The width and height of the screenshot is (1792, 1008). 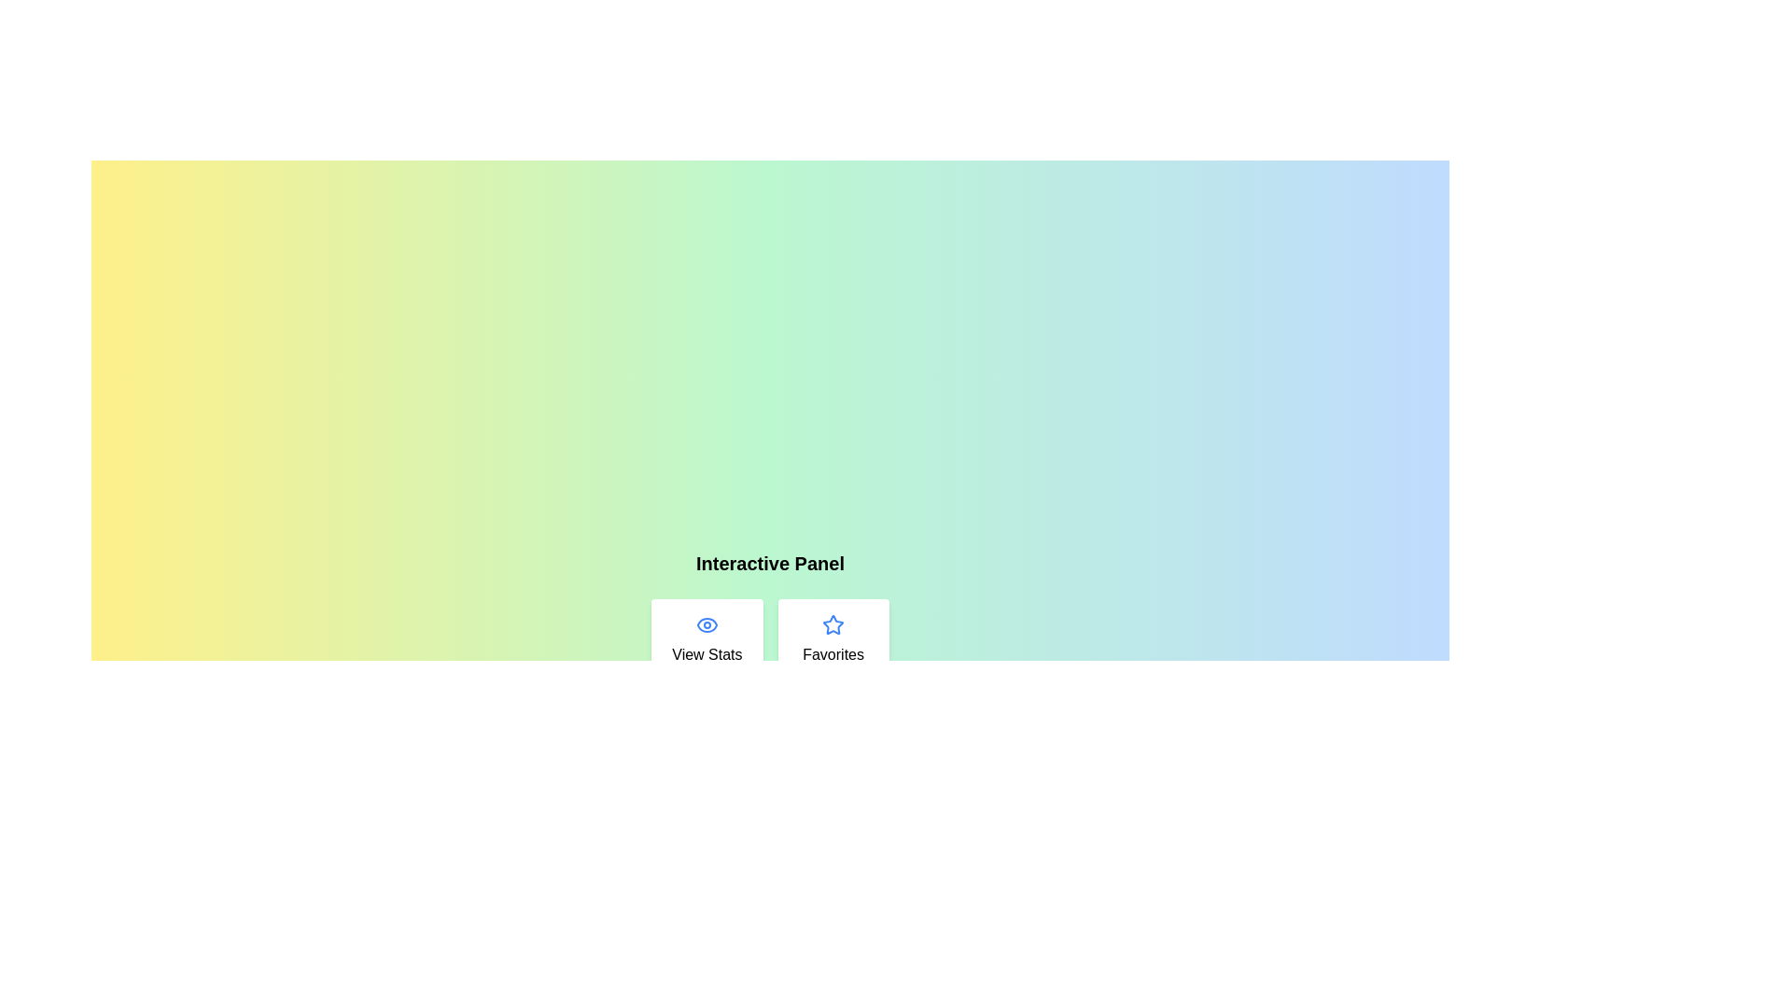 What do you see at coordinates (832, 639) in the screenshot?
I see `the 'Favorites' button, which is a rectangular button with a star icon and text, located under the 'Interactive Panel' section in the second column of the grid layout` at bounding box center [832, 639].